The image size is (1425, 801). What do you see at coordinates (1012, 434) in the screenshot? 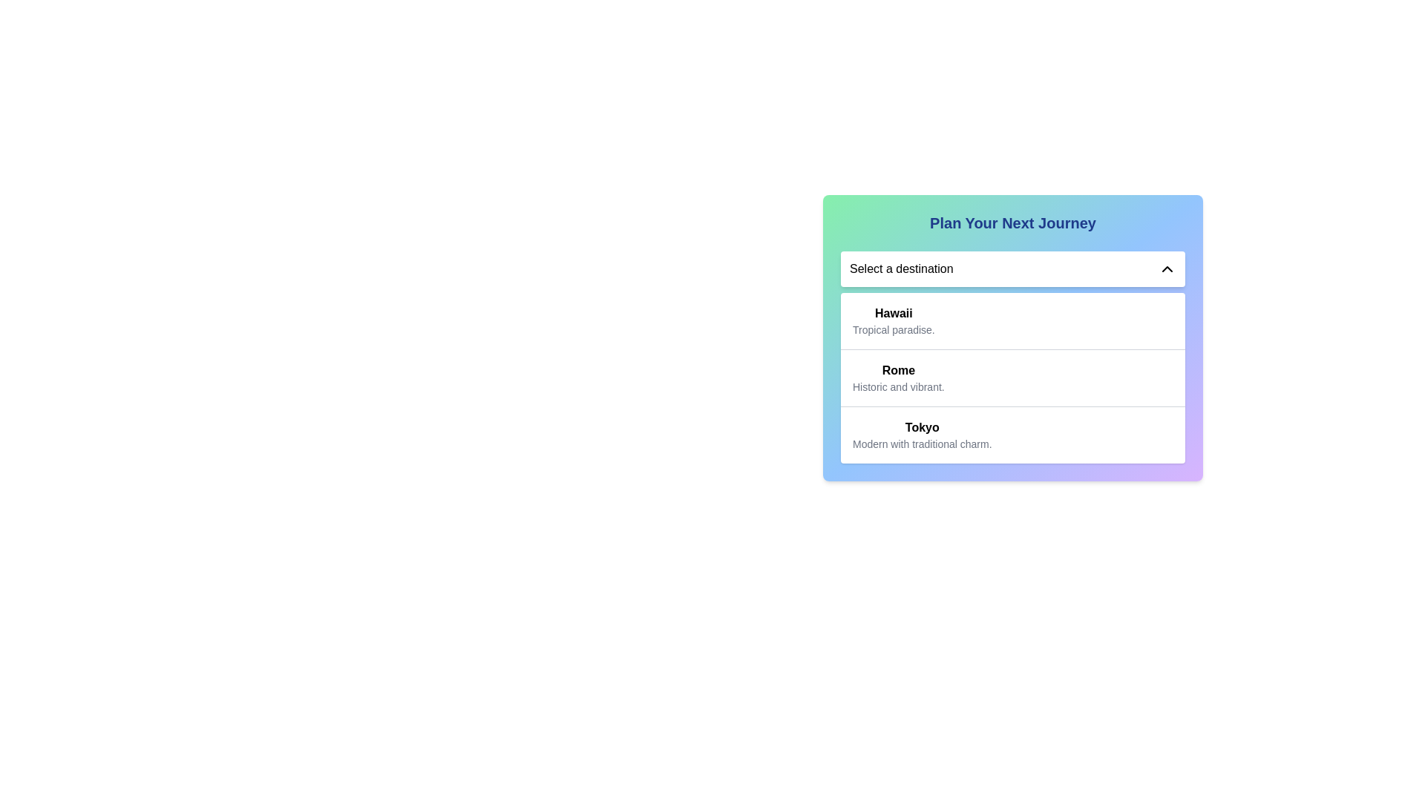
I see `the third item in the destination picker list` at bounding box center [1012, 434].